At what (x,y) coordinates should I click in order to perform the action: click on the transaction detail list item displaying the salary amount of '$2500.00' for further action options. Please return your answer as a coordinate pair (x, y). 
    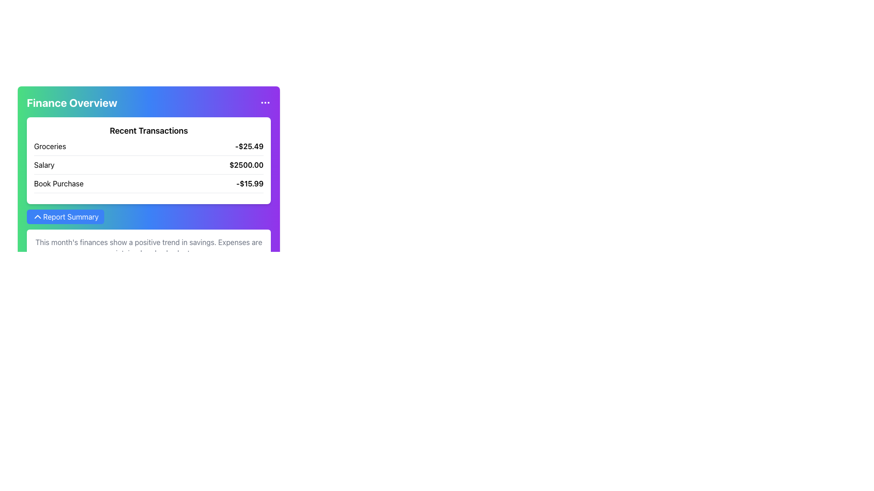
    Looking at the image, I should click on (148, 167).